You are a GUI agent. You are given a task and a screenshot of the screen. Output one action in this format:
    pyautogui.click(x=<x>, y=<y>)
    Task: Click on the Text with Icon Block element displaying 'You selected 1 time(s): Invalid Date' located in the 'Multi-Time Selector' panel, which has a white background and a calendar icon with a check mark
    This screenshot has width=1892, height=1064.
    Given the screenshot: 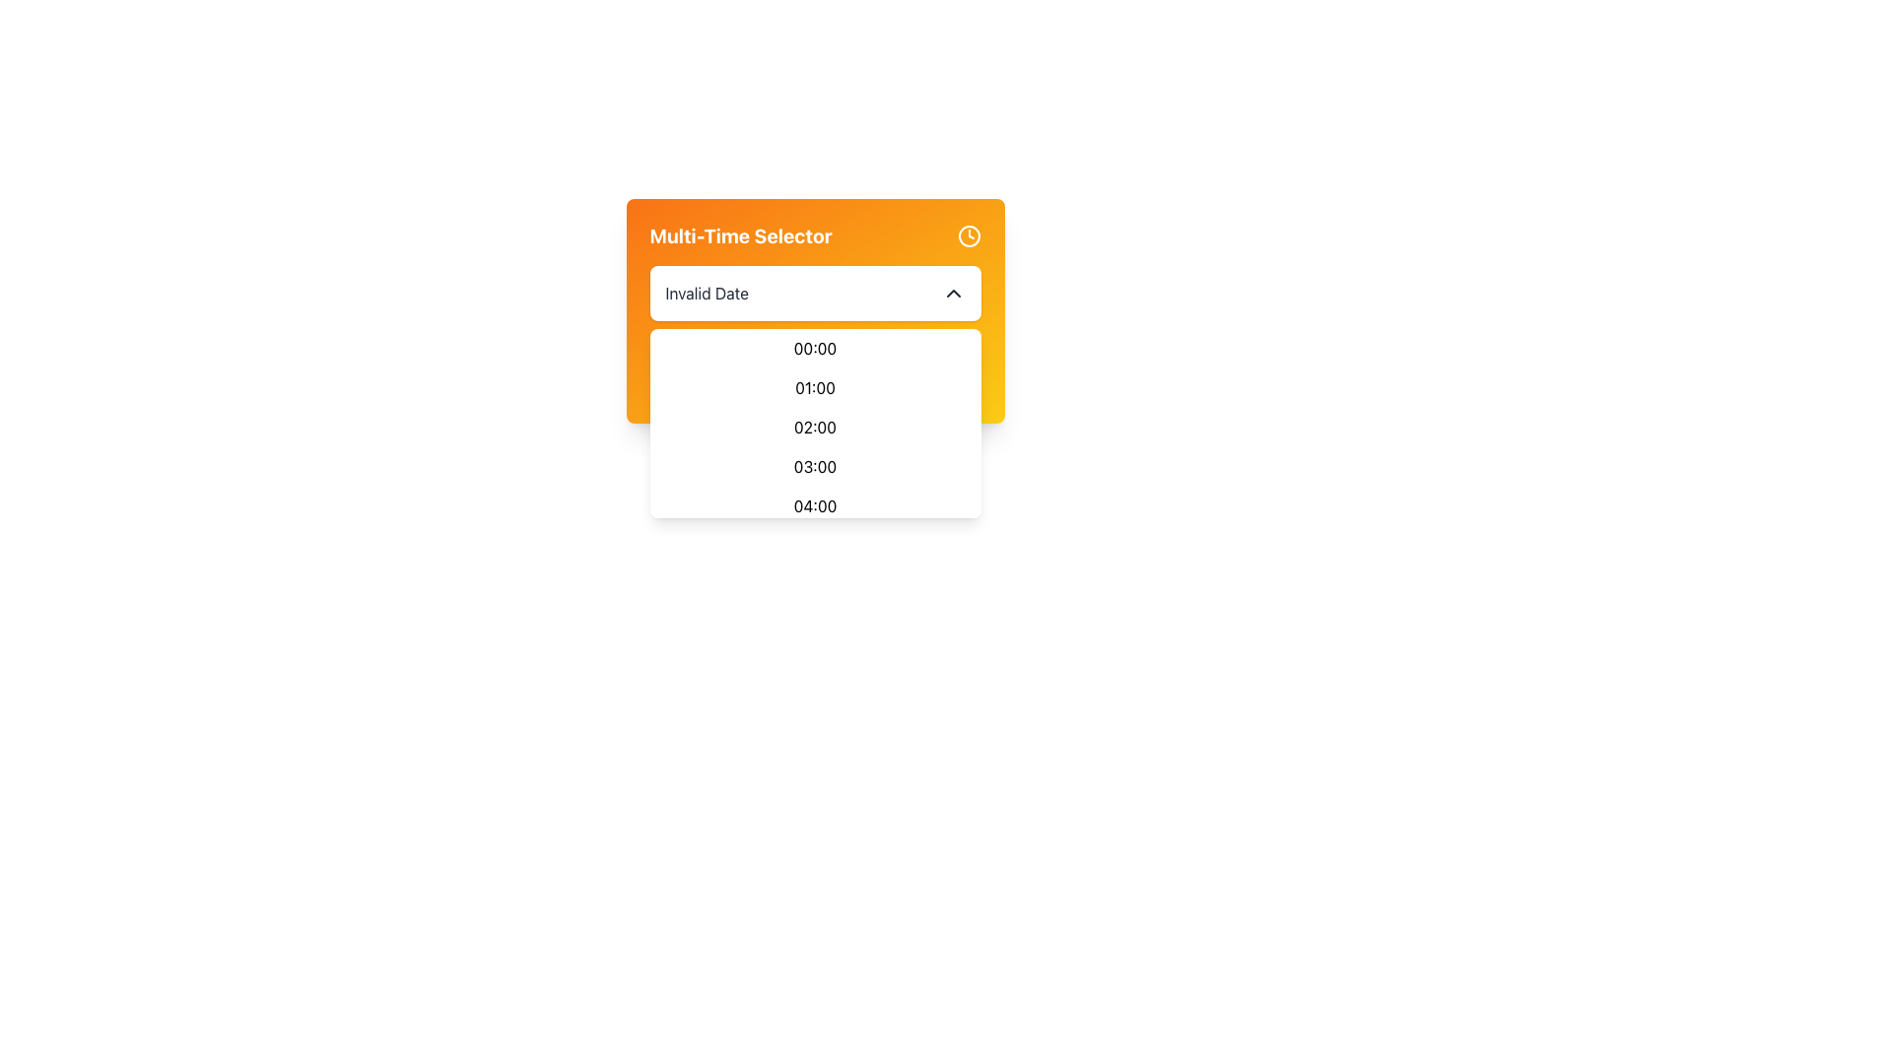 What is the action you would take?
    pyautogui.click(x=815, y=372)
    